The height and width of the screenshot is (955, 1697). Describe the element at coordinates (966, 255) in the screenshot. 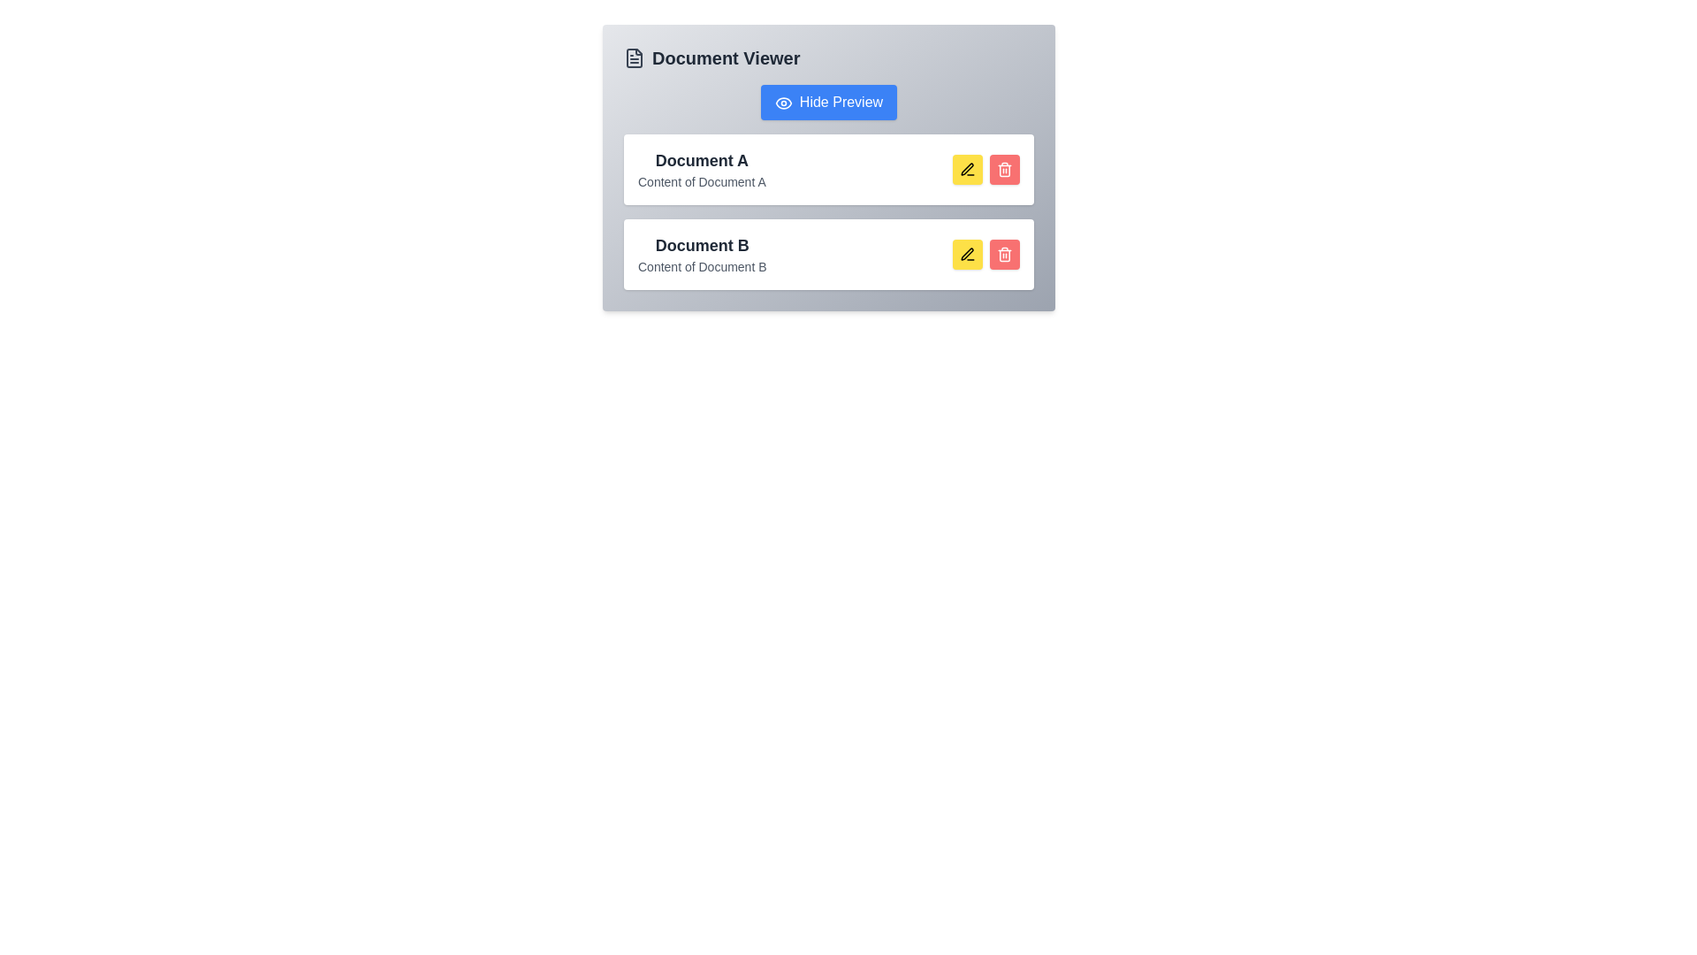

I see `the pen icon located inside a yellow rounded rectangle beside the text 'Document A' to initiate editing` at that location.